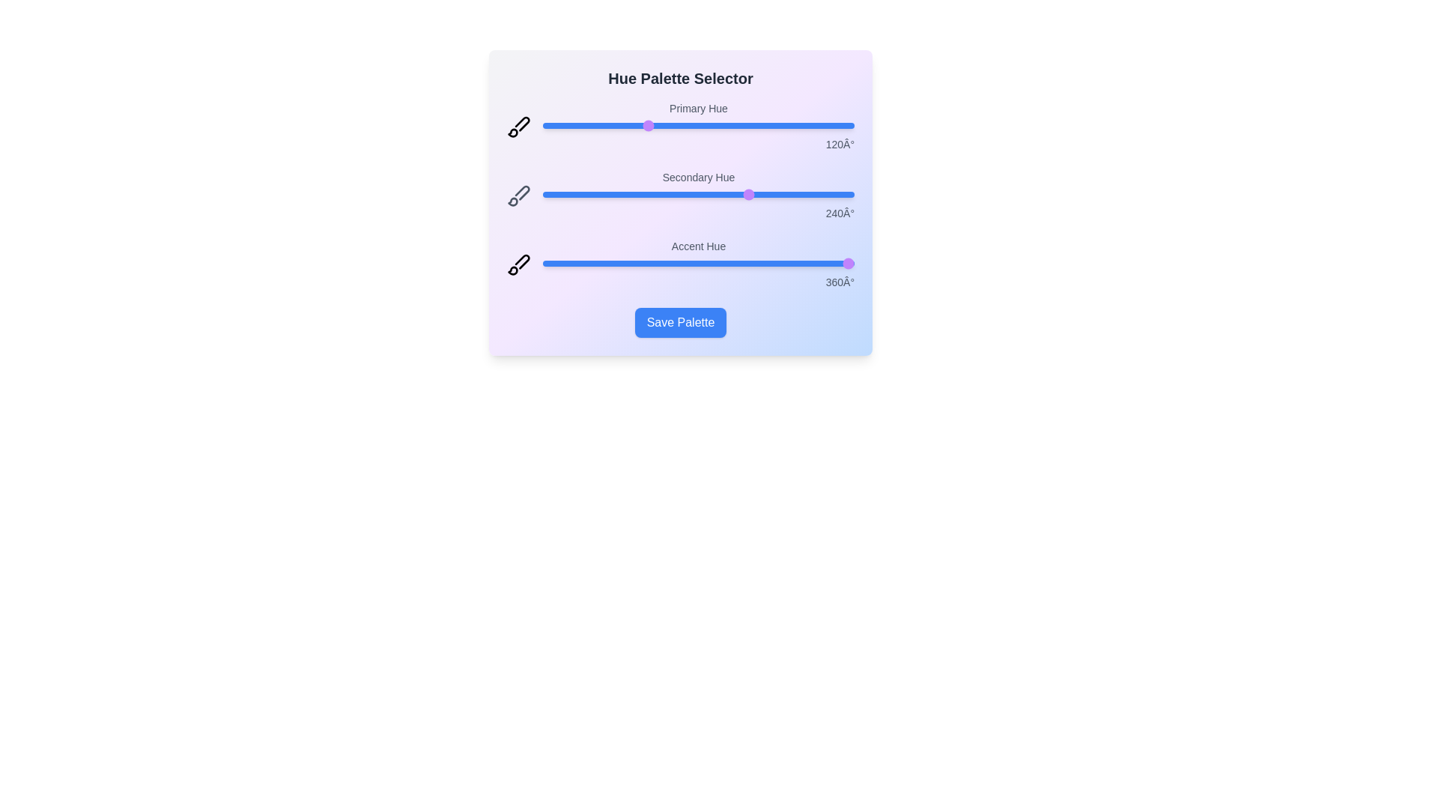 The height and width of the screenshot is (809, 1438). What do you see at coordinates (697, 144) in the screenshot?
I see `the hue value text to select it` at bounding box center [697, 144].